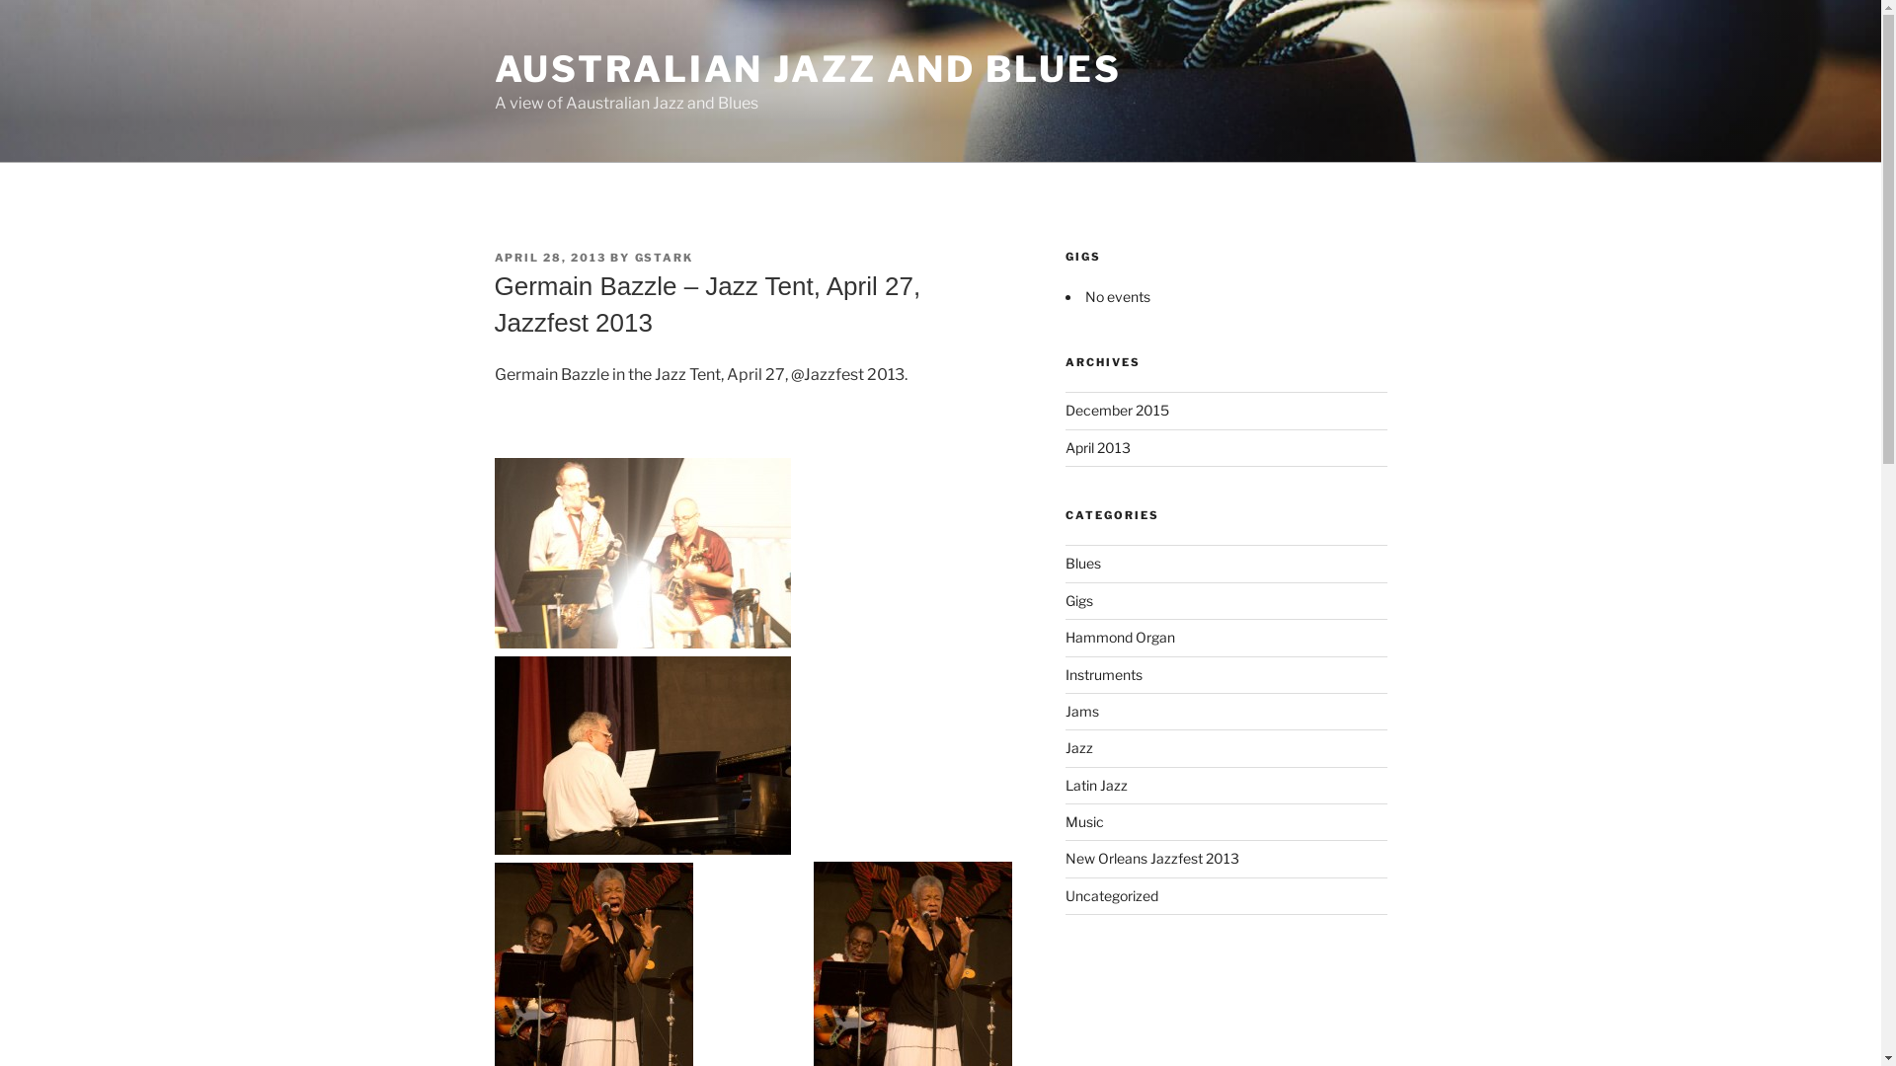 The height and width of the screenshot is (1066, 1896). Describe the element at coordinates (1103, 673) in the screenshot. I see `'Instruments'` at that location.